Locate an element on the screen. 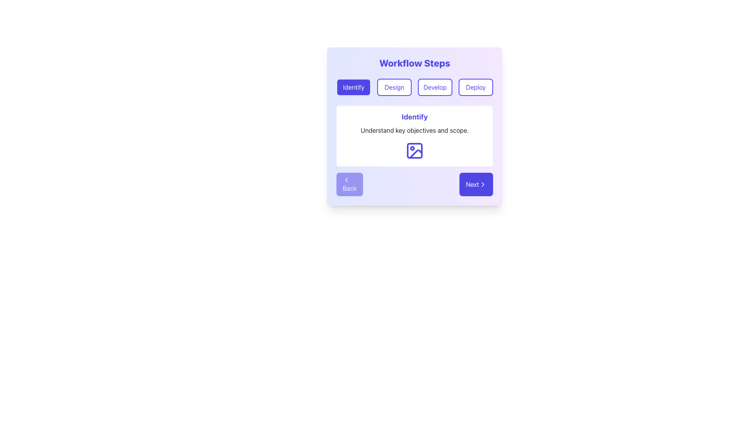 Image resolution: width=752 pixels, height=423 pixels. the 'Identify' step button in the workflow process is located at coordinates (353, 87).